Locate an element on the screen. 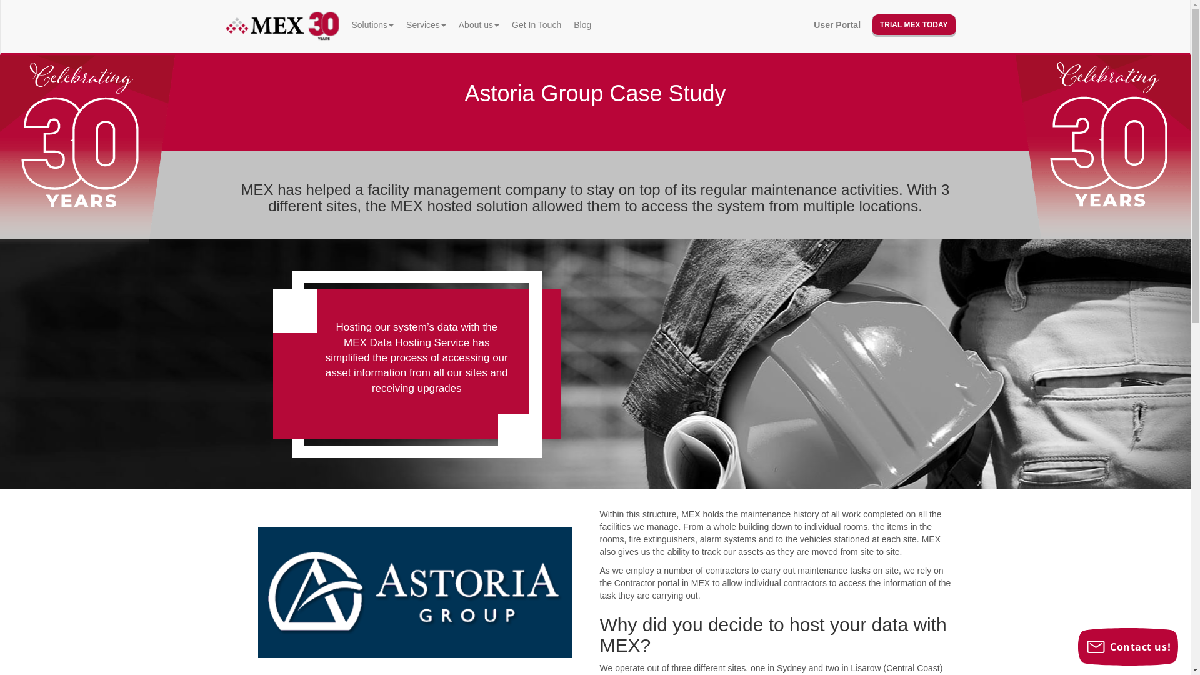  'TRIAL MEX TODAY' is located at coordinates (914, 26).